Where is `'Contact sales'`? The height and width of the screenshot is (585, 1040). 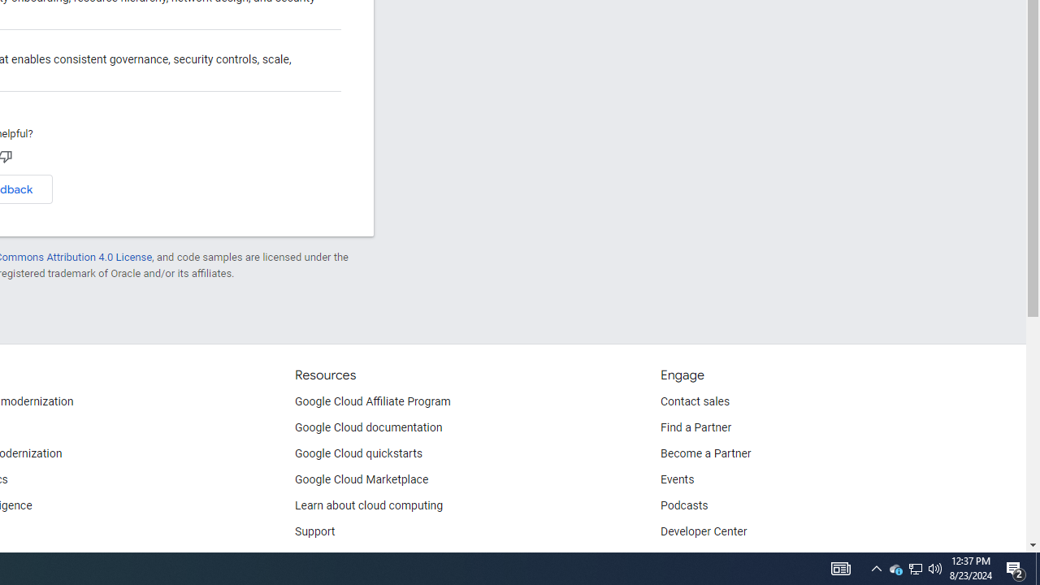
'Contact sales' is located at coordinates (695, 402).